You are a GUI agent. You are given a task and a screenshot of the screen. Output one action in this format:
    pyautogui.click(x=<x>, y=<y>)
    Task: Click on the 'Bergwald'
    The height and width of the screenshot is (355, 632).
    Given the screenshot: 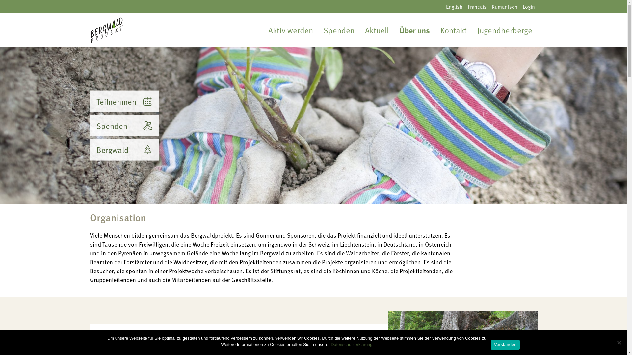 What is the action you would take?
    pyautogui.click(x=124, y=150)
    